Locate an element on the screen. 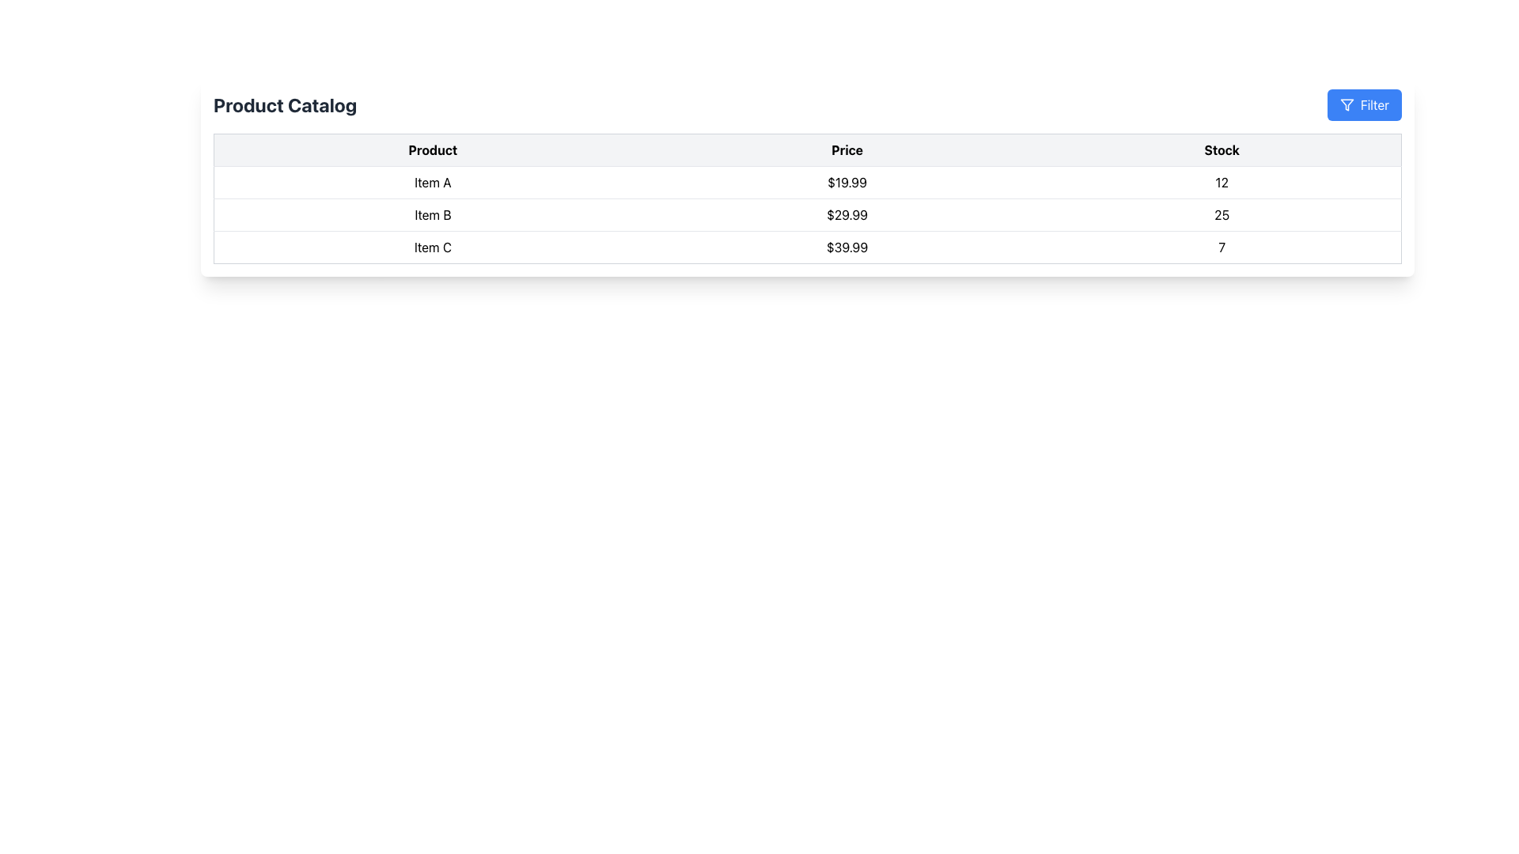 The image size is (1519, 854). the text label displaying 'Item B' in the second row of the 'Product' column is located at coordinates (433, 215).